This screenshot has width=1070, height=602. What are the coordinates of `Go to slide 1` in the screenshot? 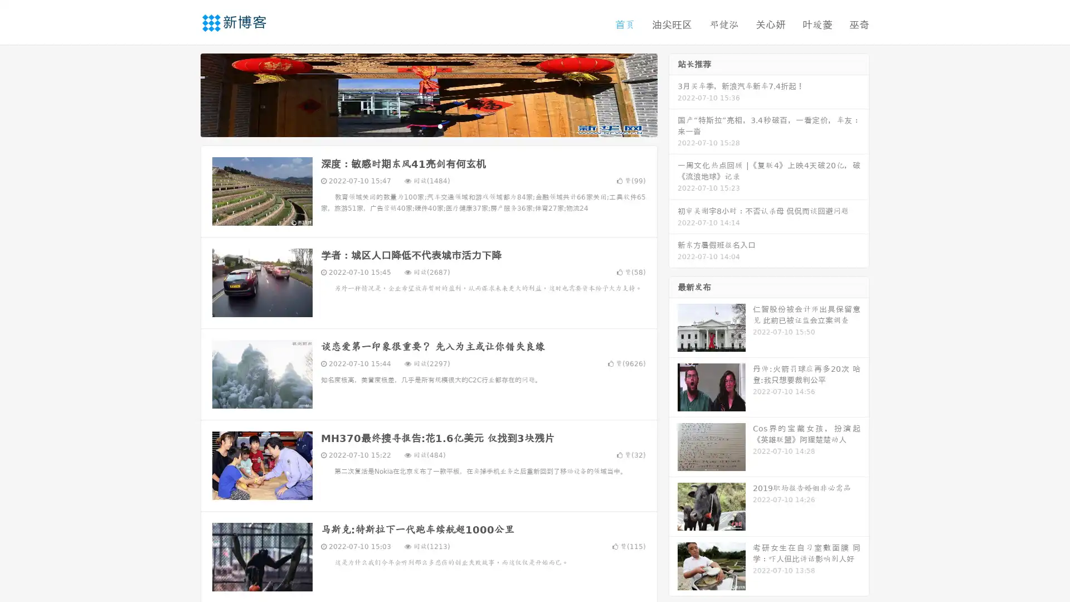 It's located at (417, 125).